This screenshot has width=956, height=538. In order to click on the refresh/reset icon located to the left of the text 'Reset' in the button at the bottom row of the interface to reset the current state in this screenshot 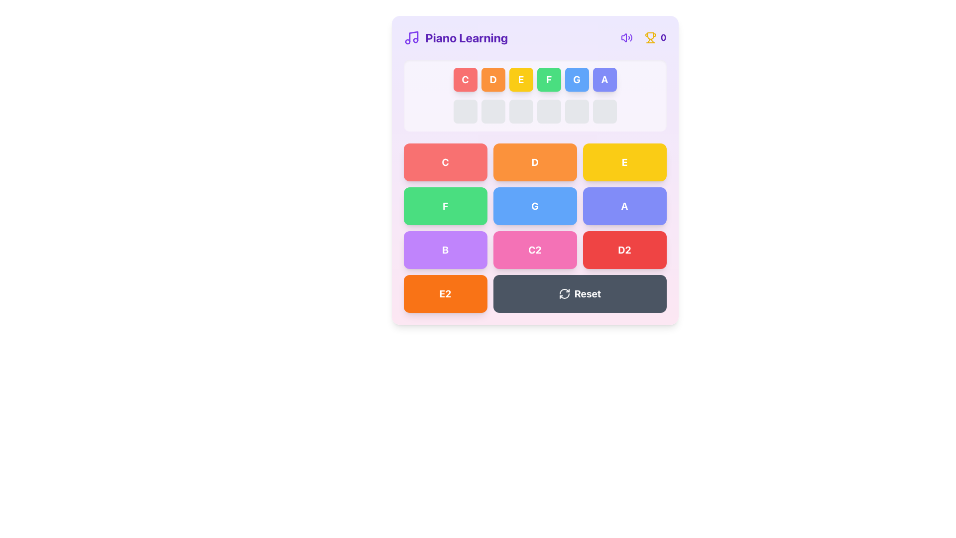, I will do `click(564, 293)`.